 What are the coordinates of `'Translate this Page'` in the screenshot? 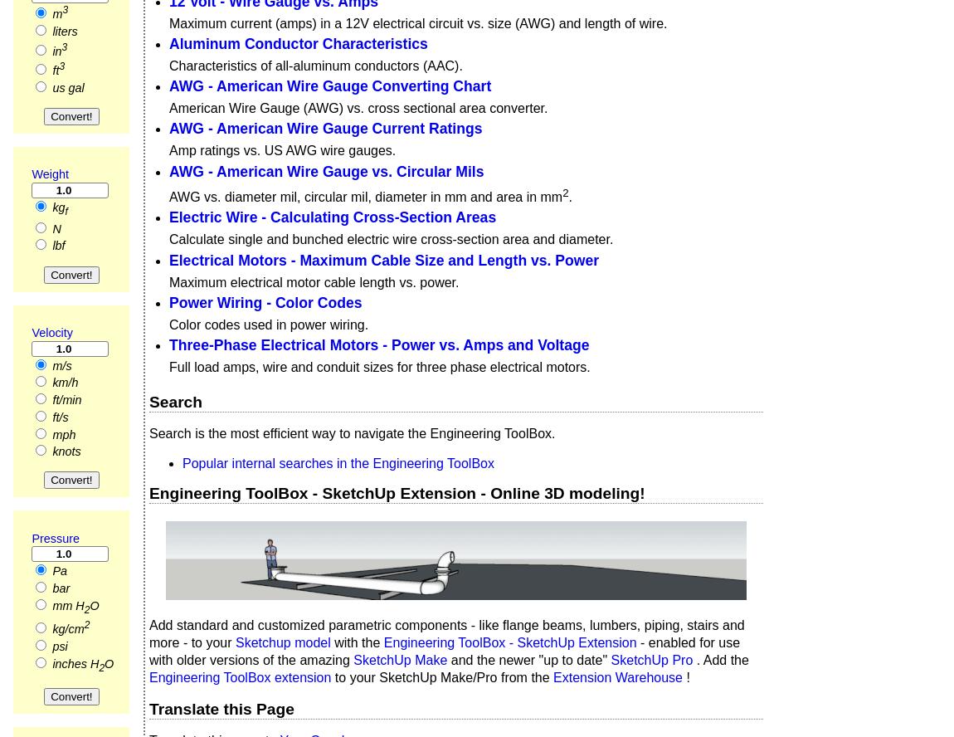 It's located at (221, 707).